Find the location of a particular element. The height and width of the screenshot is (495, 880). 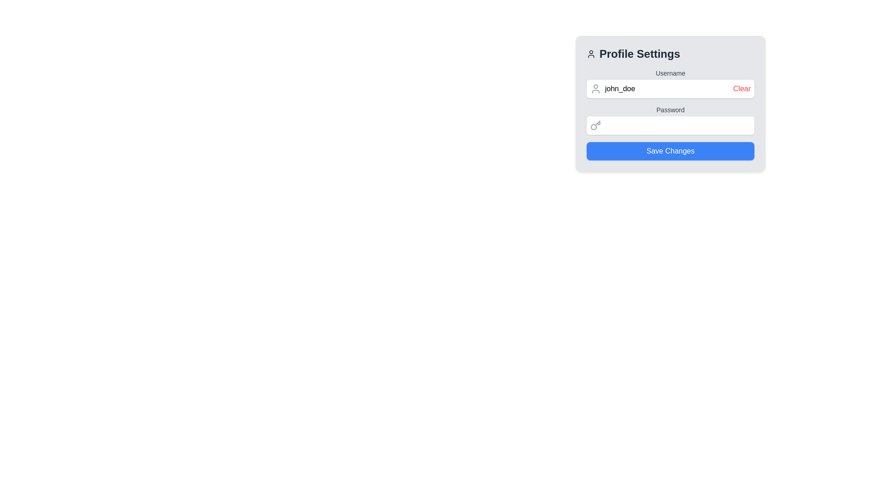

the key outline icon located to the left of the password input field in the 'Password' section of the form is located at coordinates (596, 125).